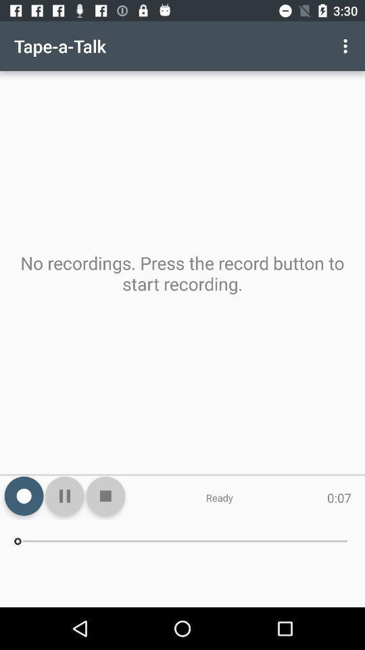 The image size is (365, 650). I want to click on the item to the left of ready icon, so click(105, 495).